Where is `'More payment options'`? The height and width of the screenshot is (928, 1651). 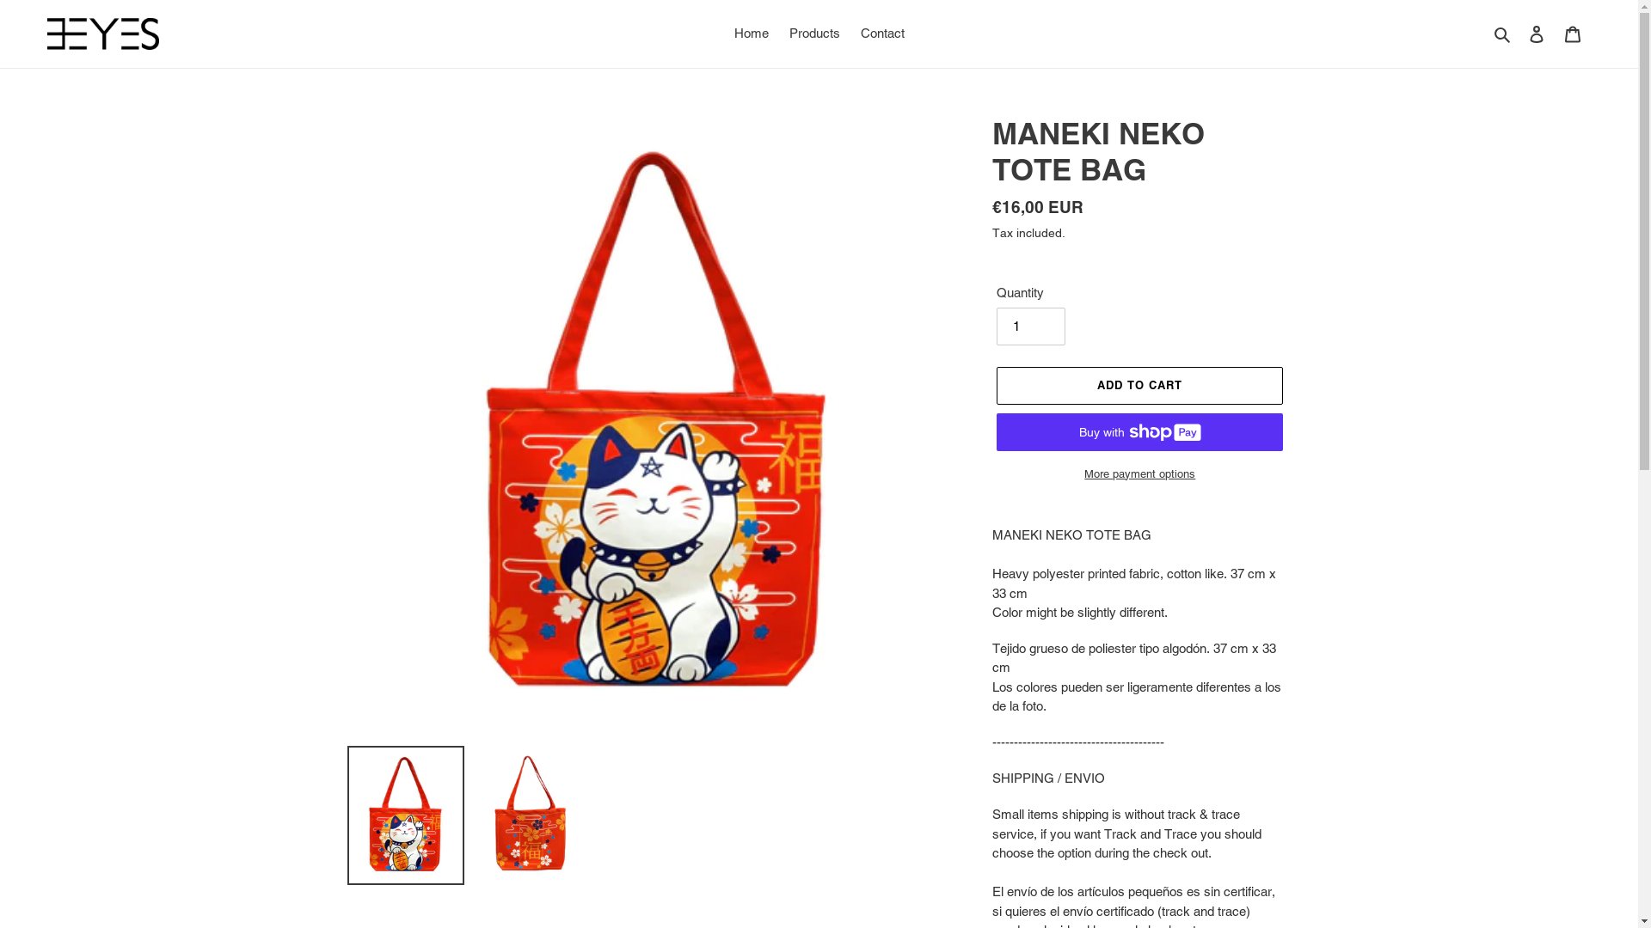
'More payment options' is located at coordinates (1139, 473).